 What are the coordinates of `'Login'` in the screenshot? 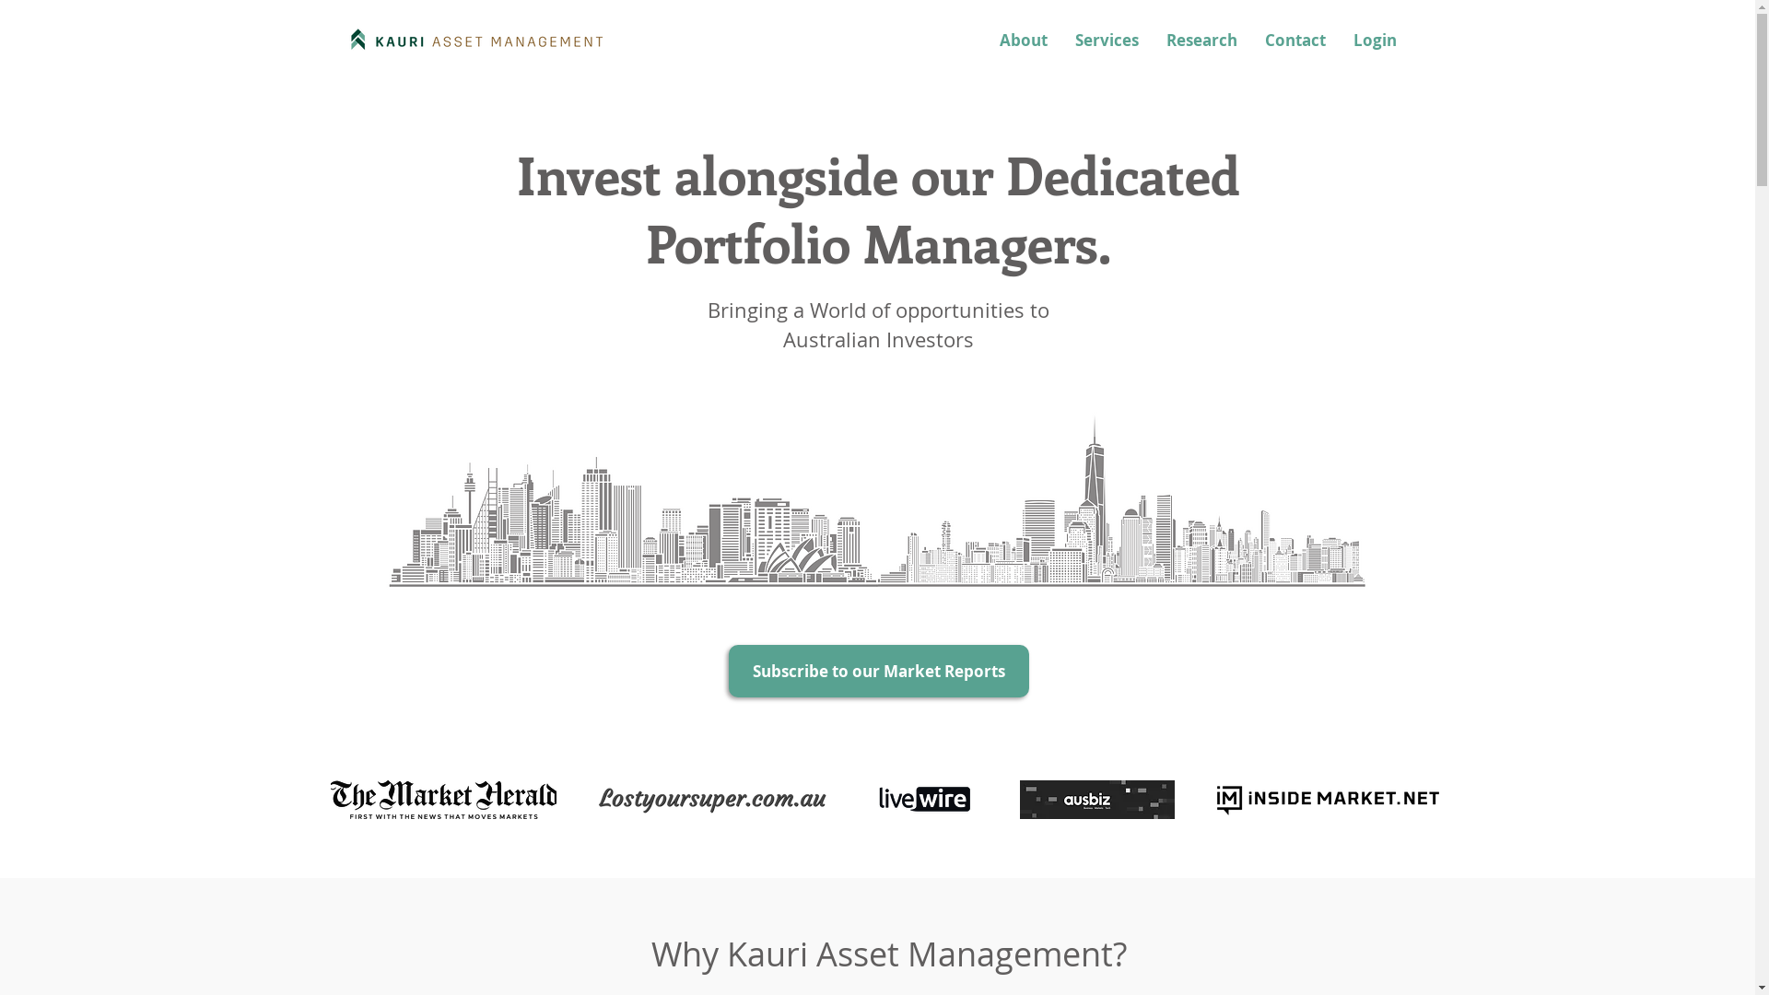 It's located at (1340, 40).